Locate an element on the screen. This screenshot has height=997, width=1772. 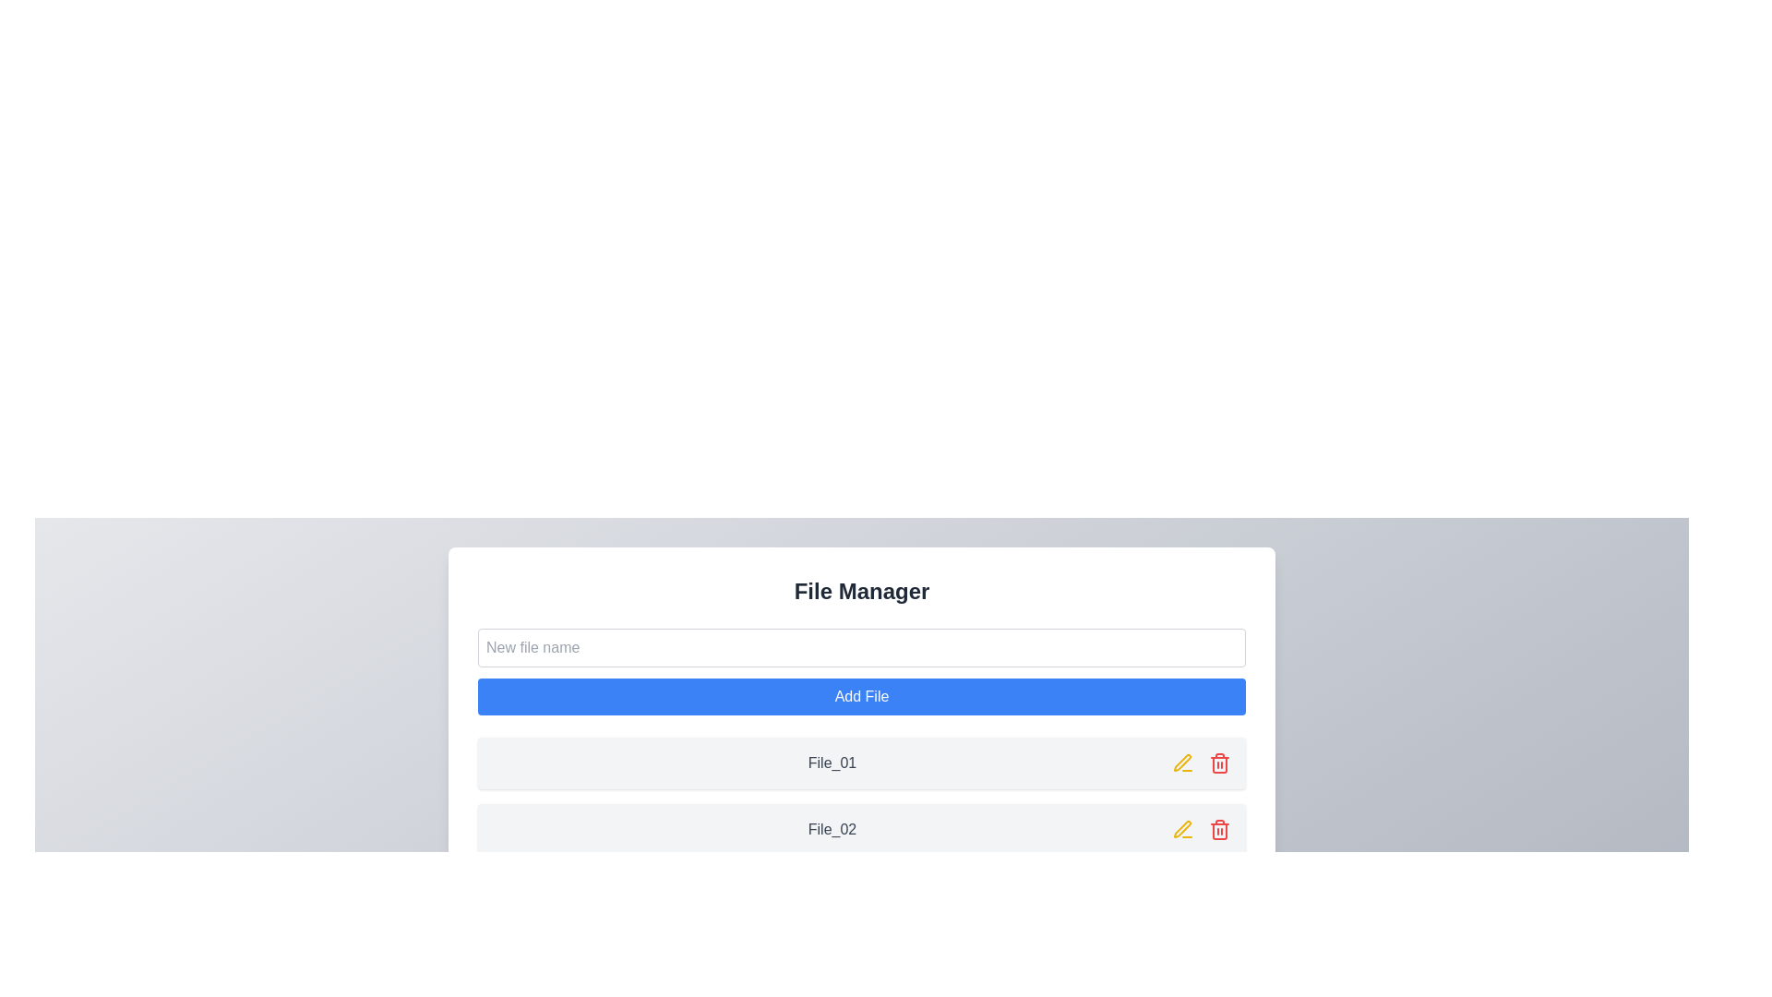
the trash icon associated with the file 'File_02', which is a red icon located in the second row of files is located at coordinates (1219, 832).